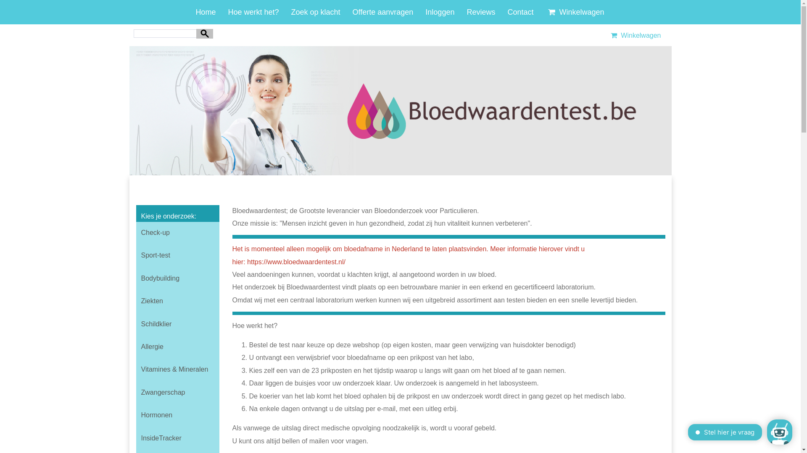  I want to click on 'Offerte aanvragen', so click(382, 12).